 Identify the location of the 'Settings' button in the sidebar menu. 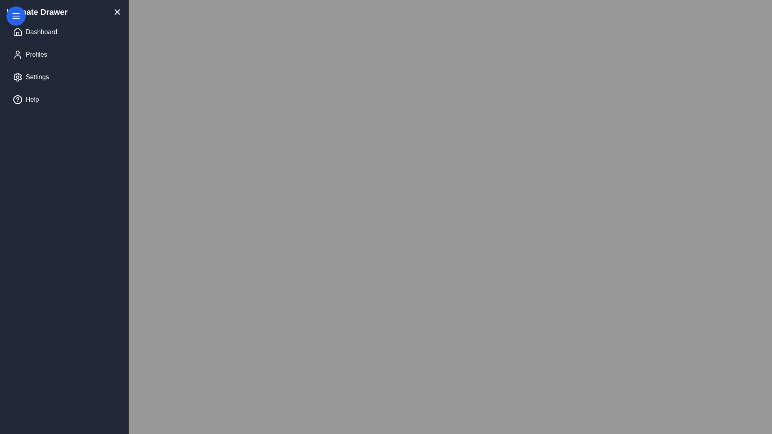
(64, 77).